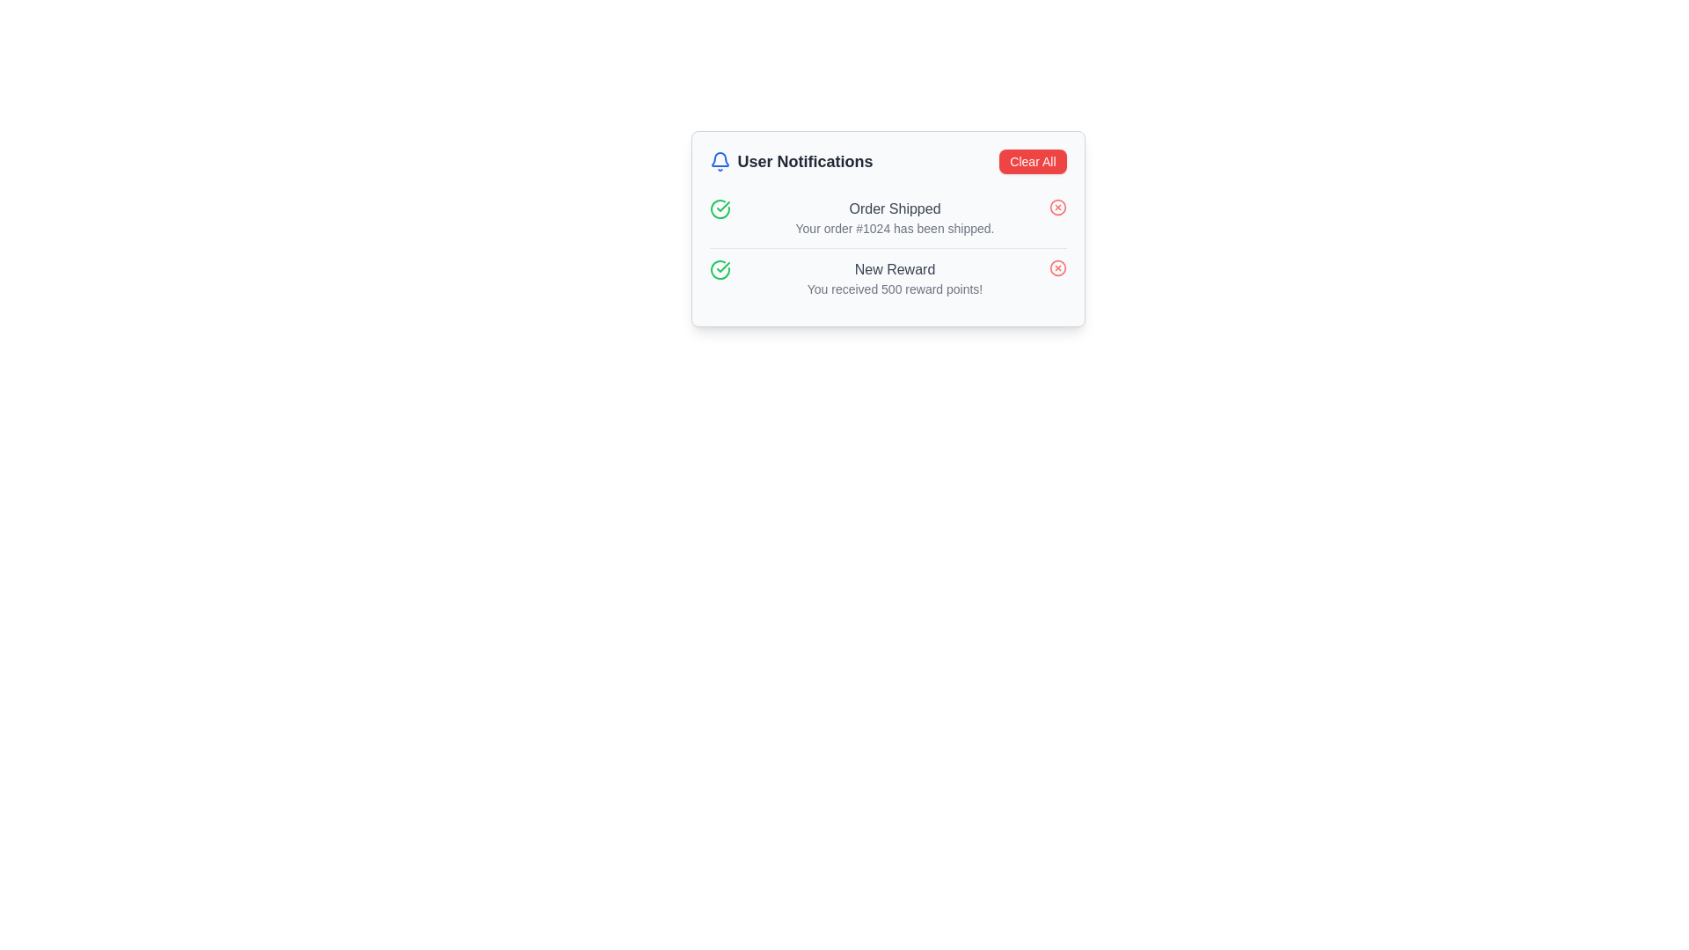 The height and width of the screenshot is (950, 1689). Describe the element at coordinates (895, 288) in the screenshot. I see `the Text label that informs the user about a specific reward, positioned below the 'New Reward' heading` at that location.